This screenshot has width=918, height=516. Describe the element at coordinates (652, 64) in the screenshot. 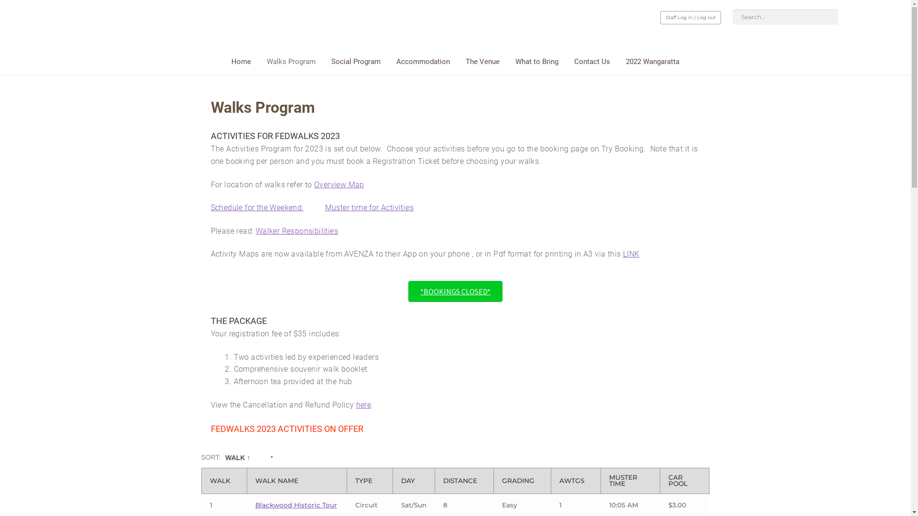

I see `'2022 Wangaratta'` at that location.